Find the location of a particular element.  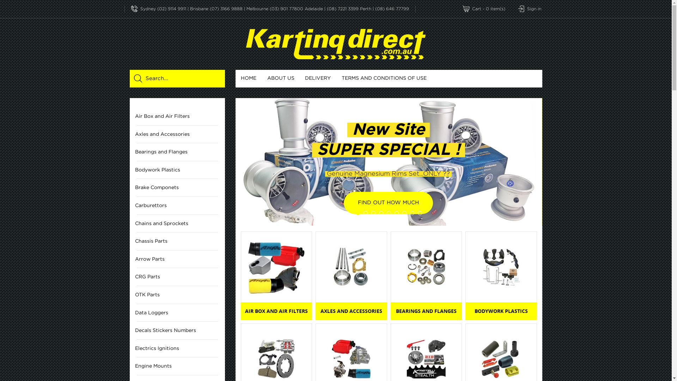

'TERMS AND CONDITIONS OF USE' is located at coordinates (384, 79).